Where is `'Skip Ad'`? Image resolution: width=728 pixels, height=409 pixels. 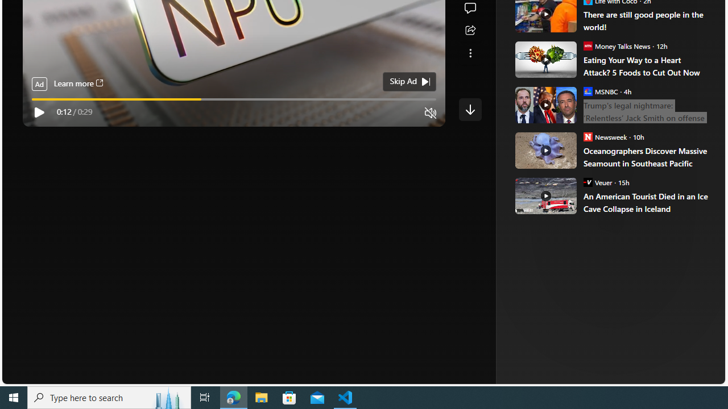
'Skip Ad' is located at coordinates (403, 81).